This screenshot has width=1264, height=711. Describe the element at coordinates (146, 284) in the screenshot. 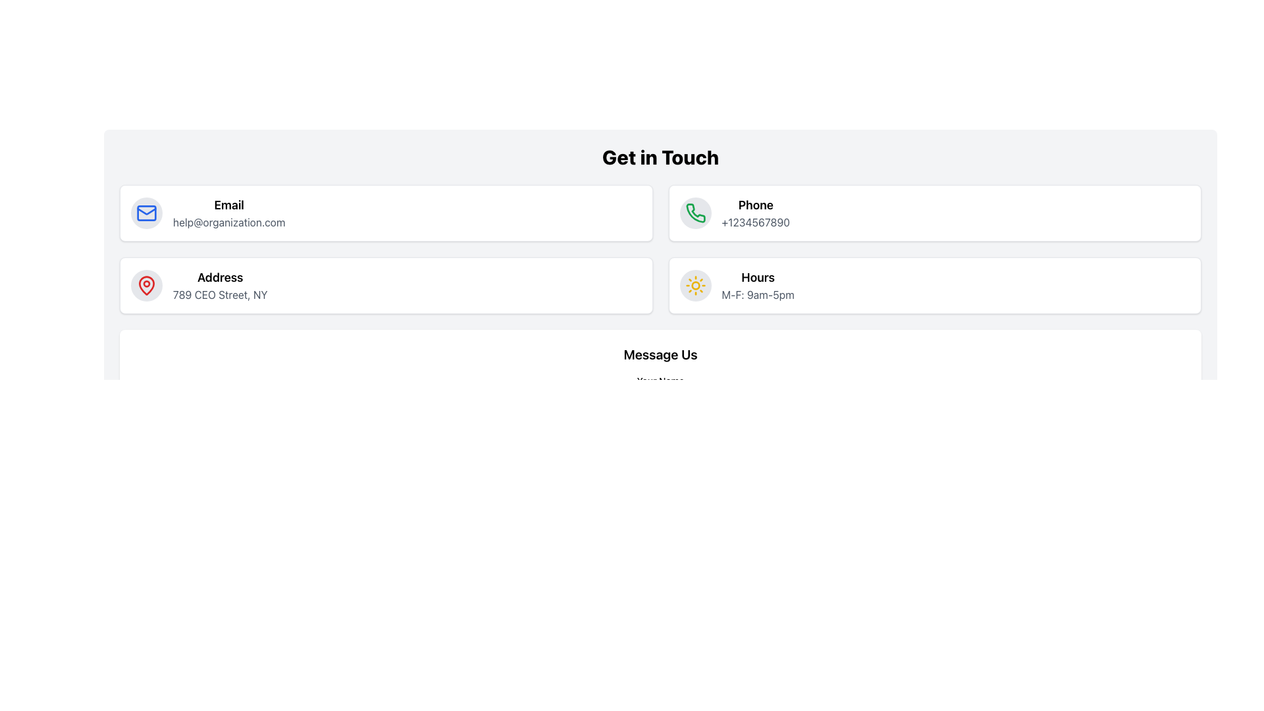

I see `the graphic icon (SVG representation) in the 'Address' section, located to the left of the 'Address' text and adjacent to '789 CEO Street, NY'` at that location.